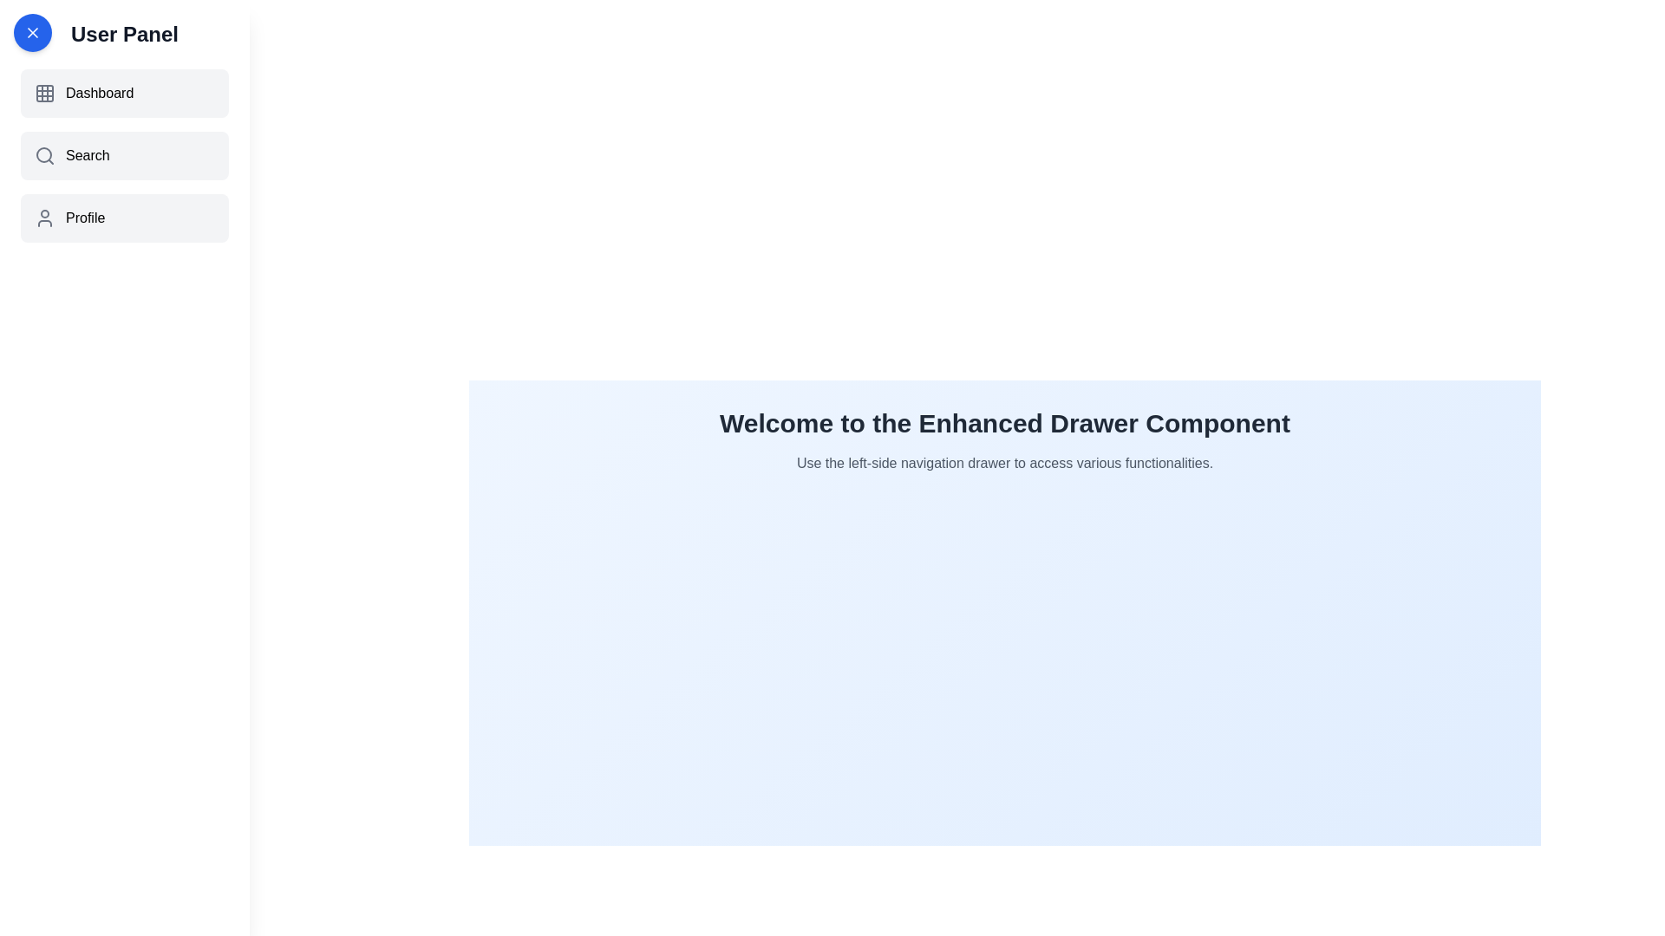  I want to click on the 'Profile' text label in the navigation menu, so click(84, 217).